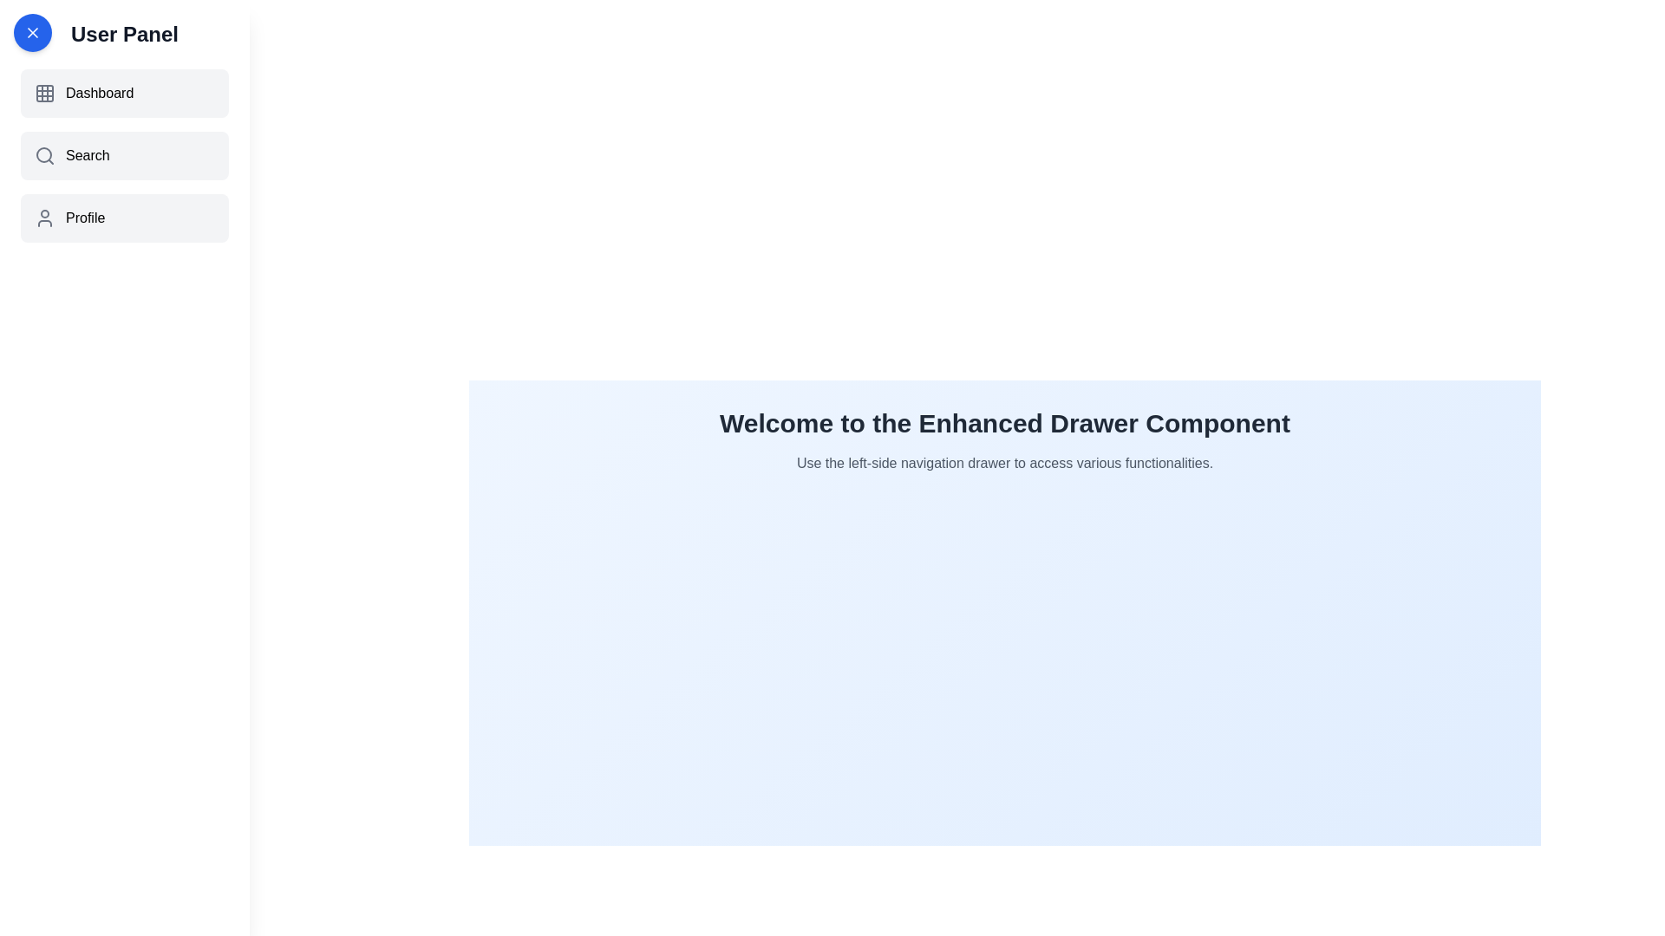  I want to click on the 'Profile' text label in the navigation menu, so click(84, 217).